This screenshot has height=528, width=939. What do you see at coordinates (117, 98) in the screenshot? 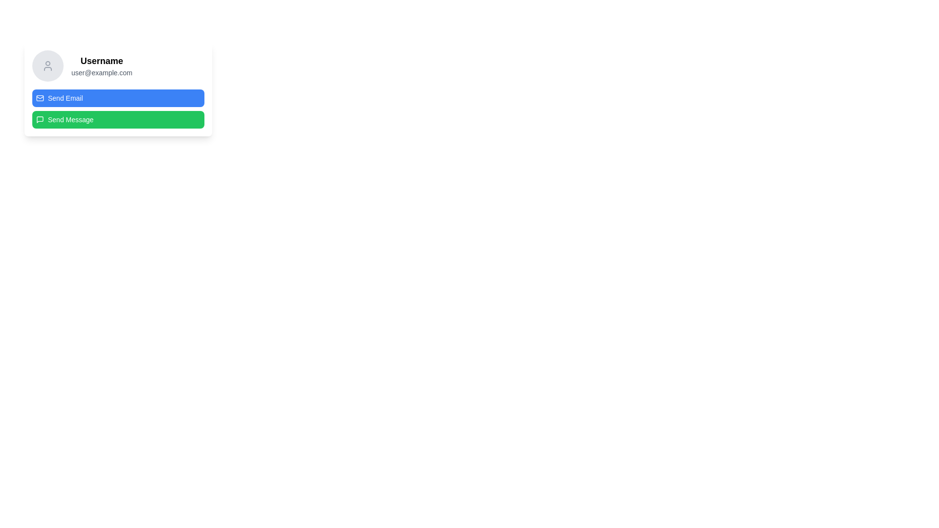
I see `the topmost button below the username and email address display to initiate sending an email` at bounding box center [117, 98].